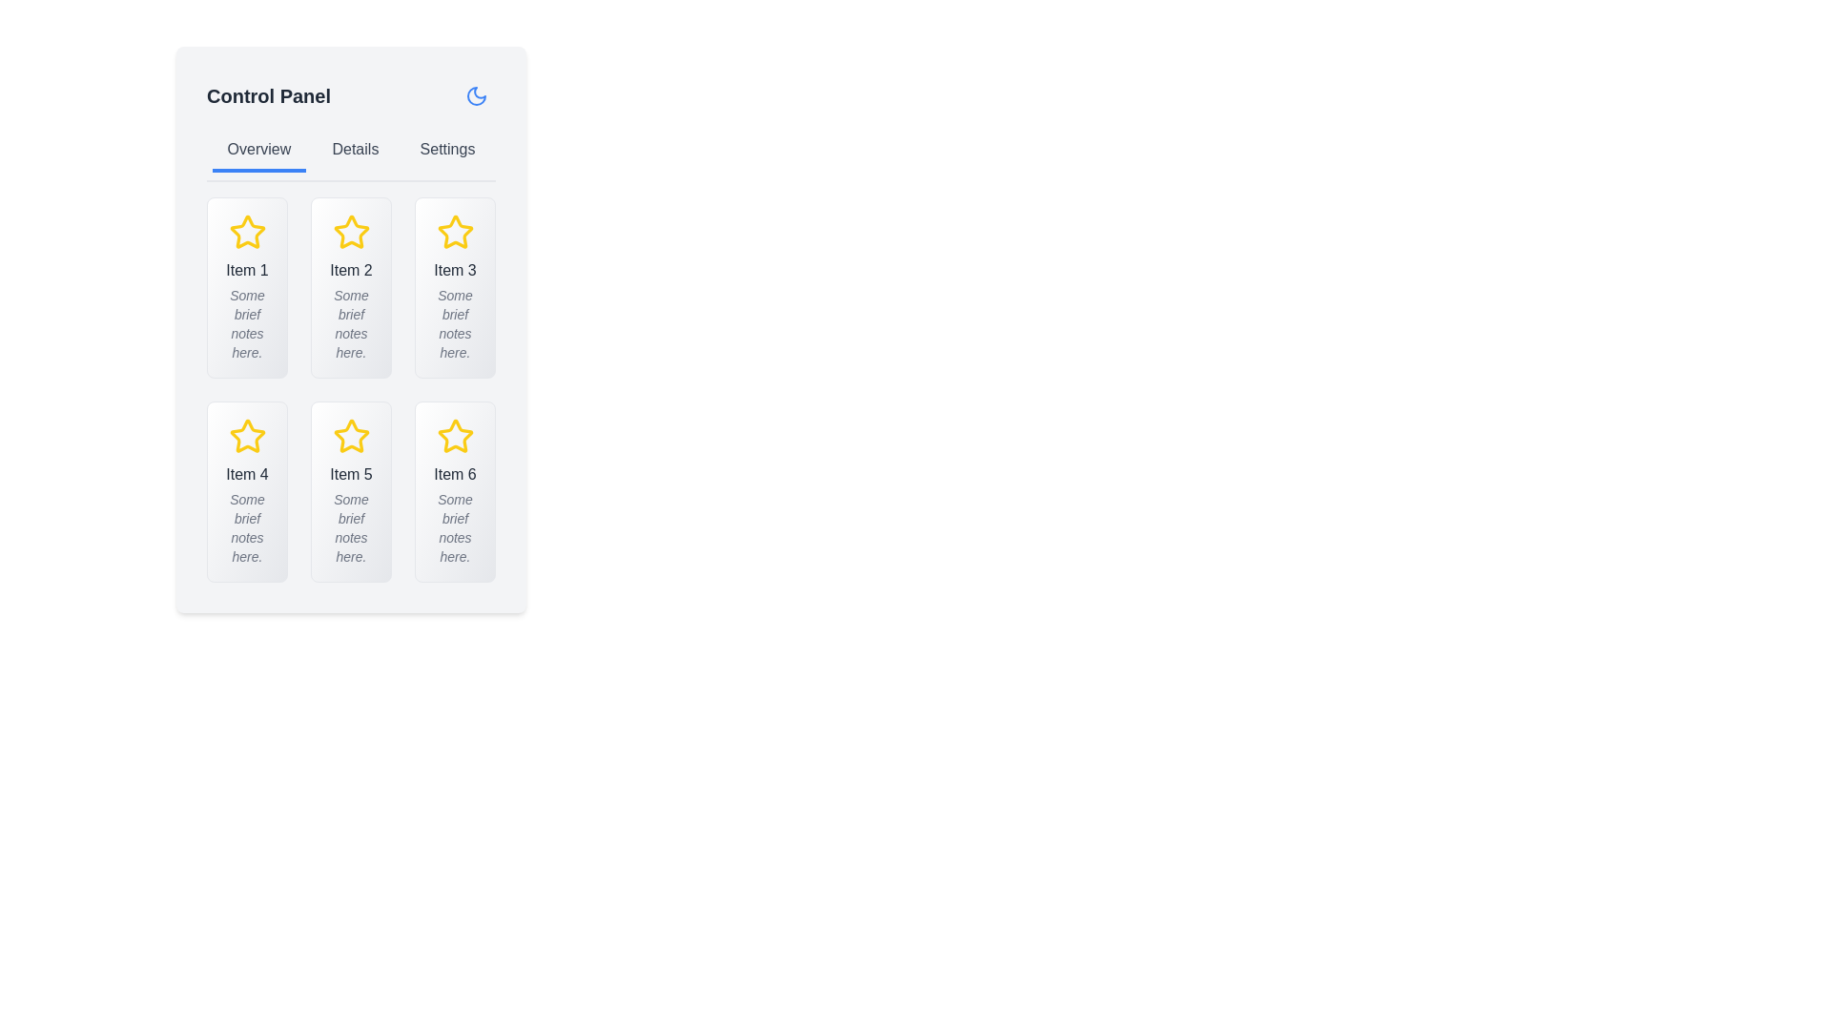 This screenshot has height=1030, width=1831. Describe the element at coordinates (454, 231) in the screenshot. I see `the interactive icon representing 'Item 3'` at that location.